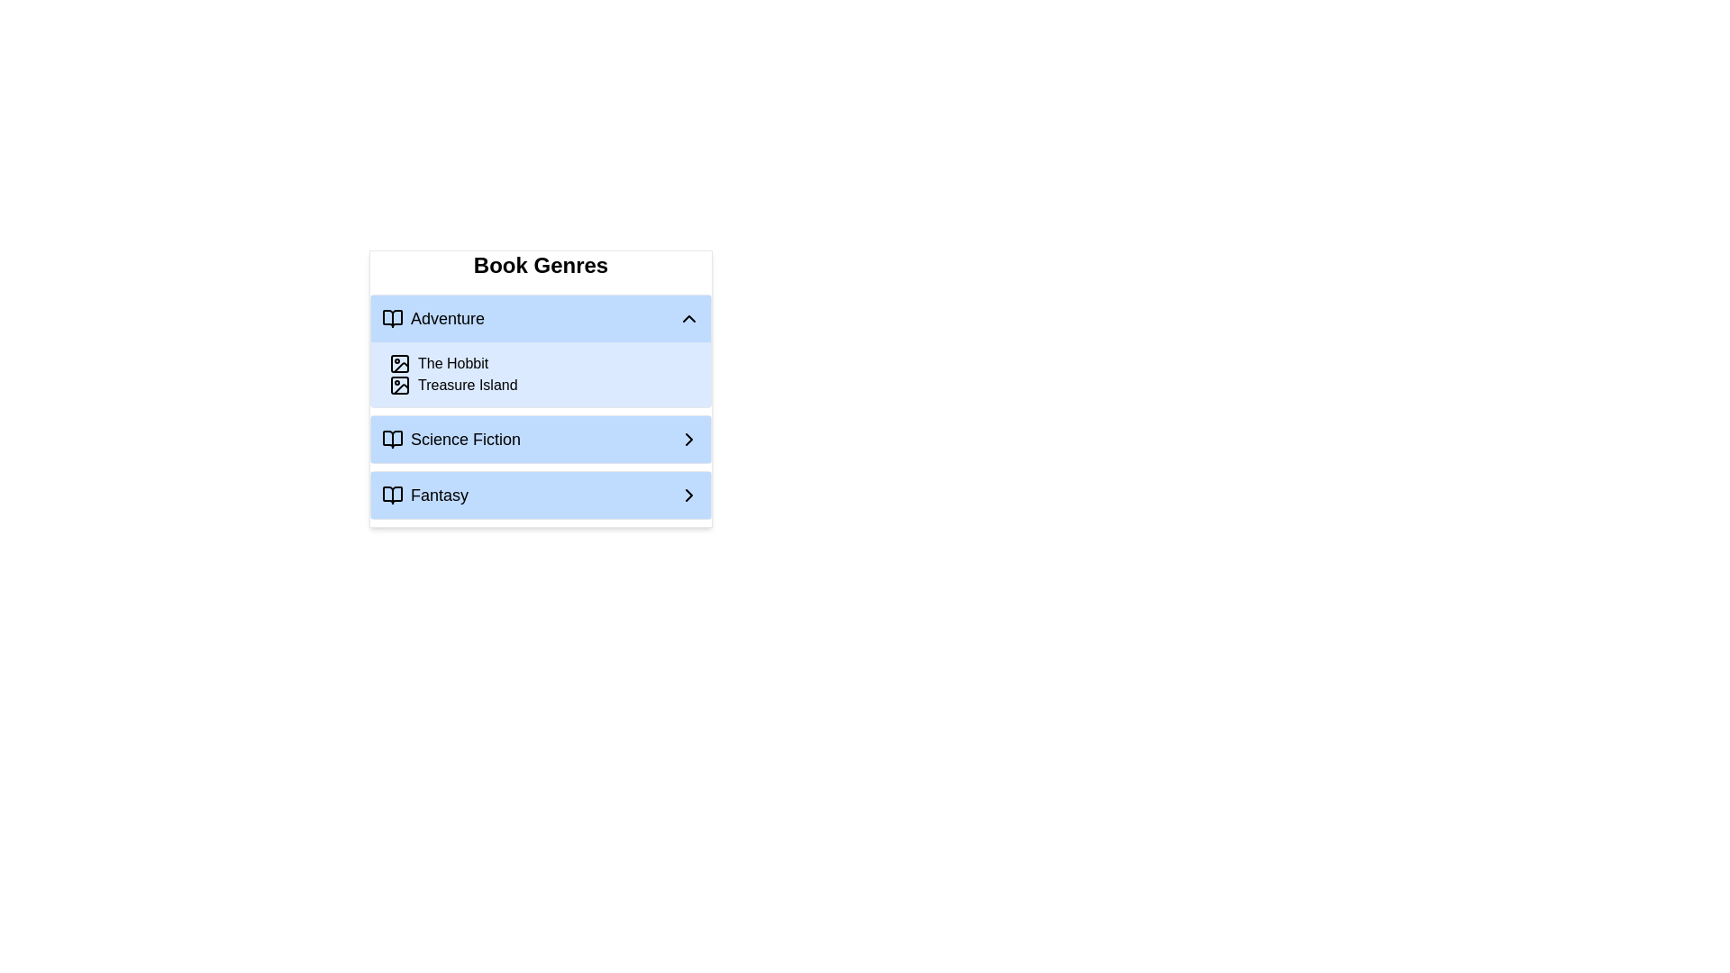  Describe the element at coordinates (687, 318) in the screenshot. I see `the downward-pointing chevron icon located to the right of the 'Adventure' text in the Book Genres section` at that location.